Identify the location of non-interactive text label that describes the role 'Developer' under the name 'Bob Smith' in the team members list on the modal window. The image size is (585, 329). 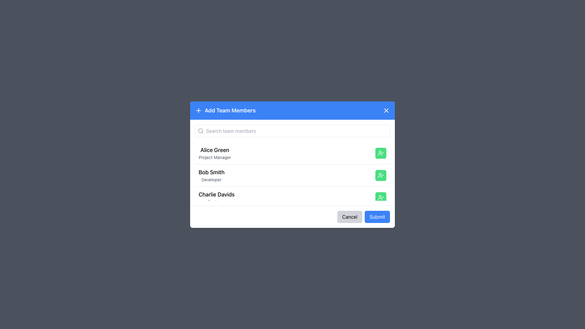
(211, 179).